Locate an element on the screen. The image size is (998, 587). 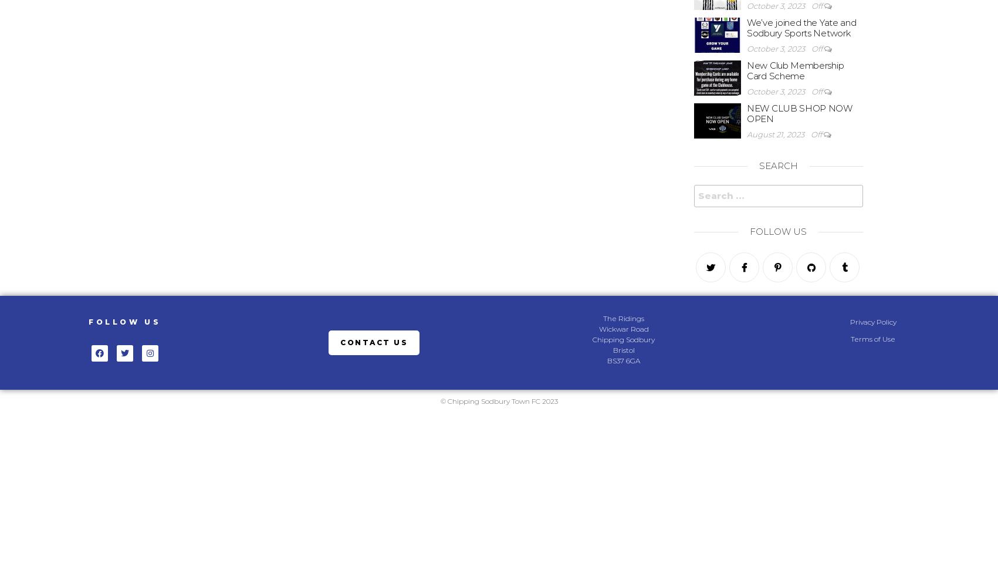
'© Chipping Sodbury Town FC 2023' is located at coordinates (498, 401).